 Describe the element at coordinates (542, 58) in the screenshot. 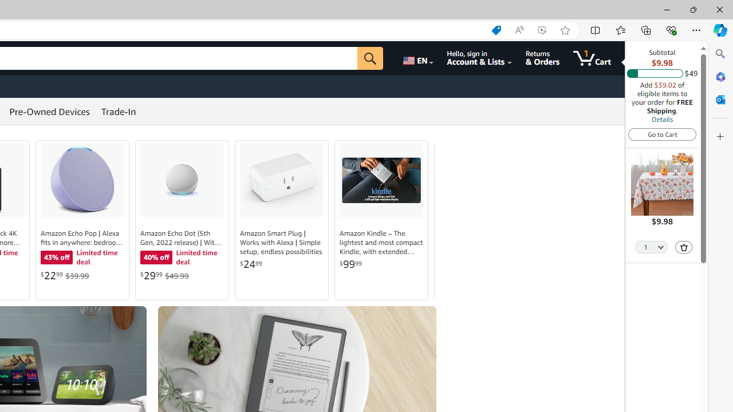

I see `'Returns & Orders'` at that location.